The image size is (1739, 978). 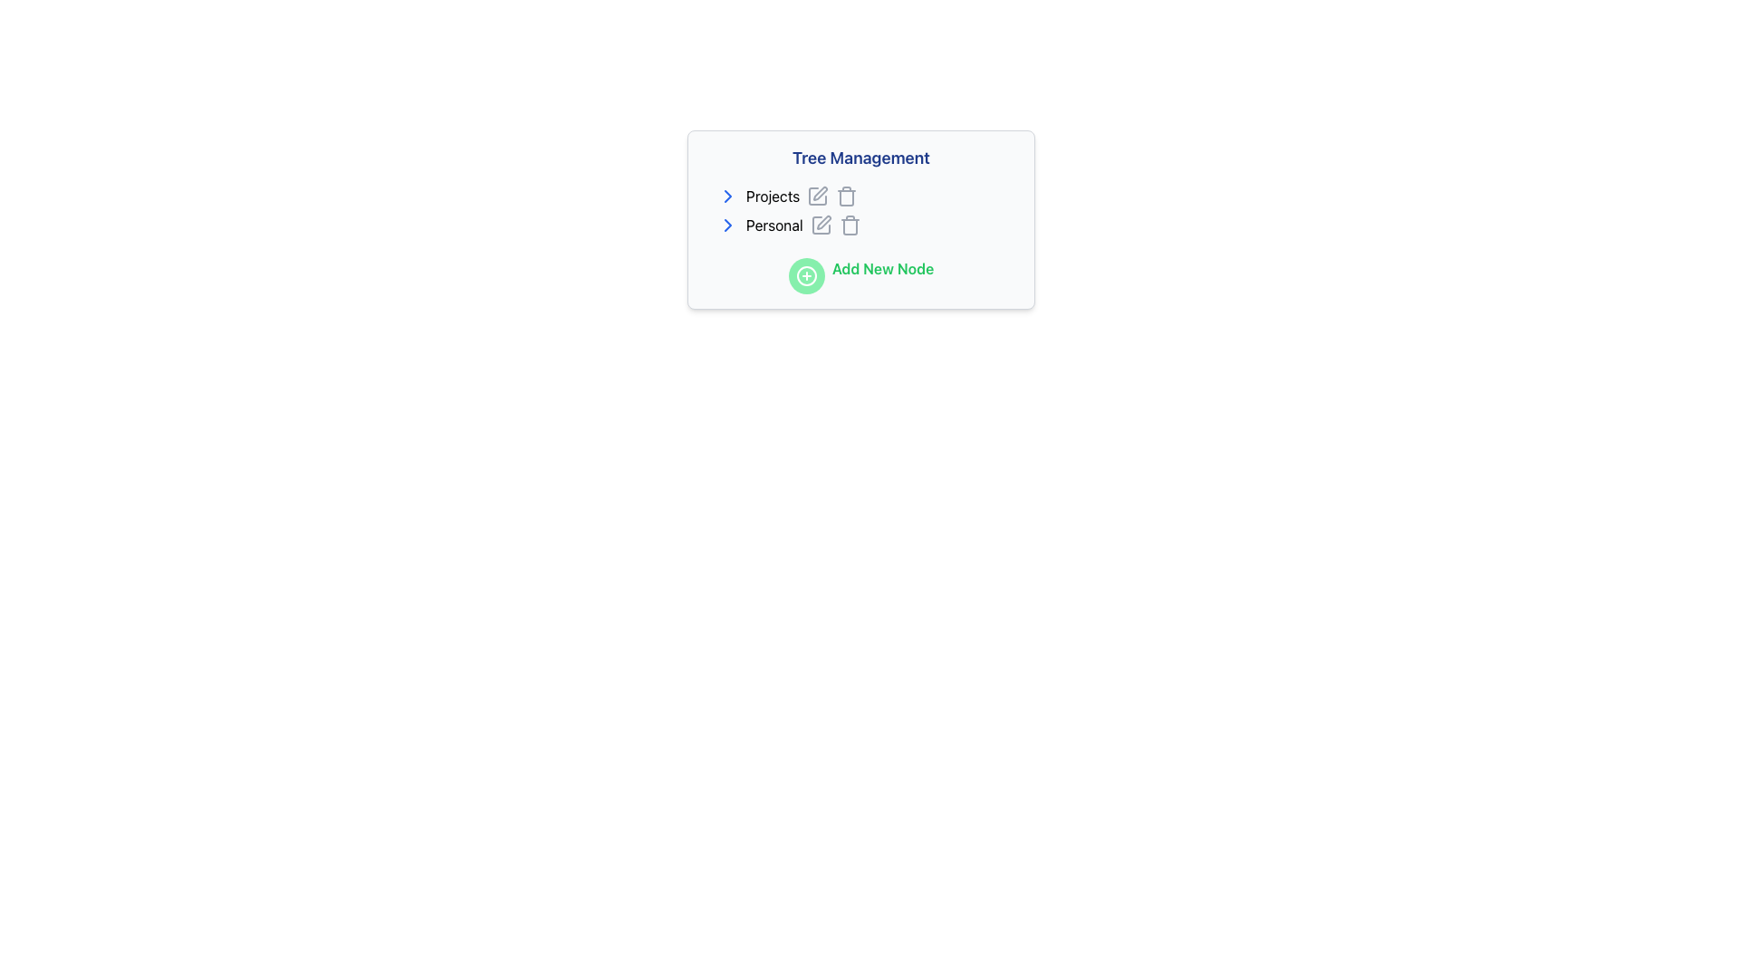 What do you see at coordinates (849, 225) in the screenshot?
I see `the trash bin icon located to the far right of the 'Personal' item to initiate a delete action` at bounding box center [849, 225].